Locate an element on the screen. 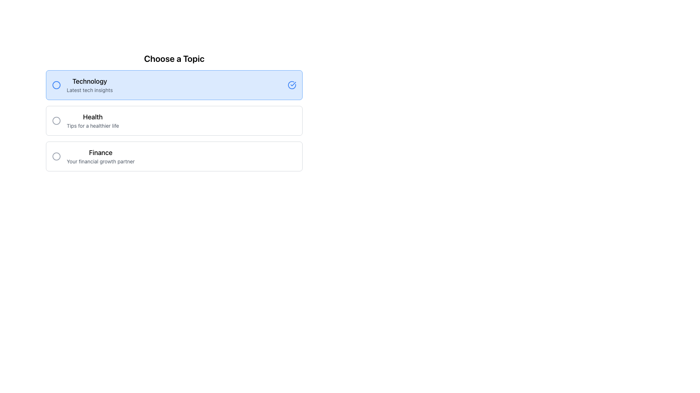 This screenshot has height=393, width=700. the 'Finance' title static text element, which is displayed in a bold, large font and is styled with a text-lg font-medium class, positioned above the subtitle 'Your financial growth partner' is located at coordinates (100, 152).